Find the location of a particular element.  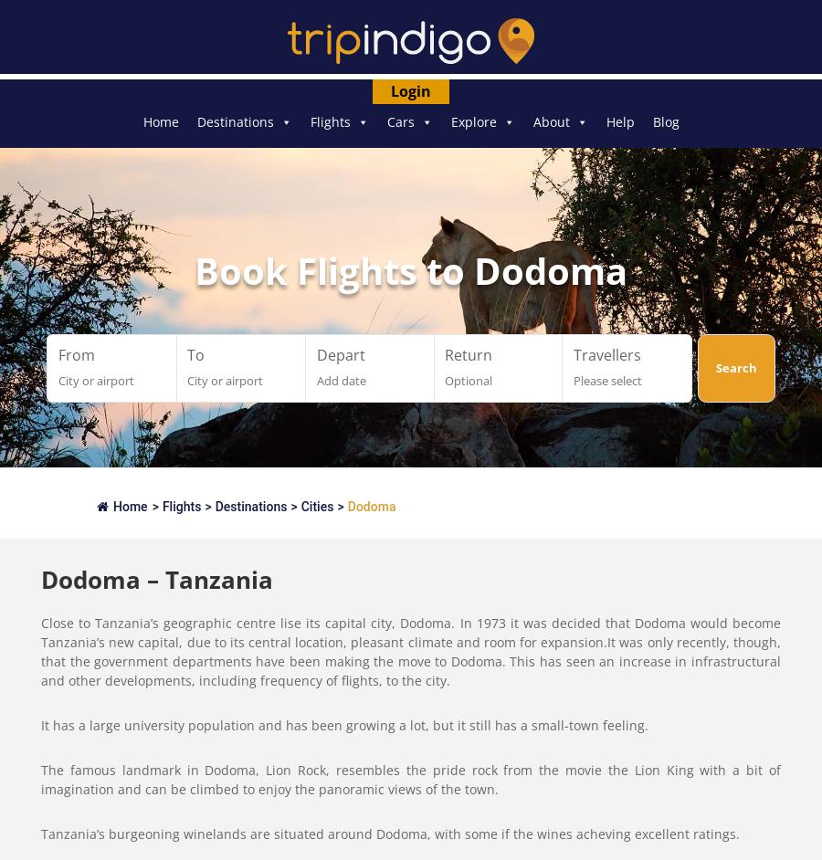

'Search' is located at coordinates (735, 367).